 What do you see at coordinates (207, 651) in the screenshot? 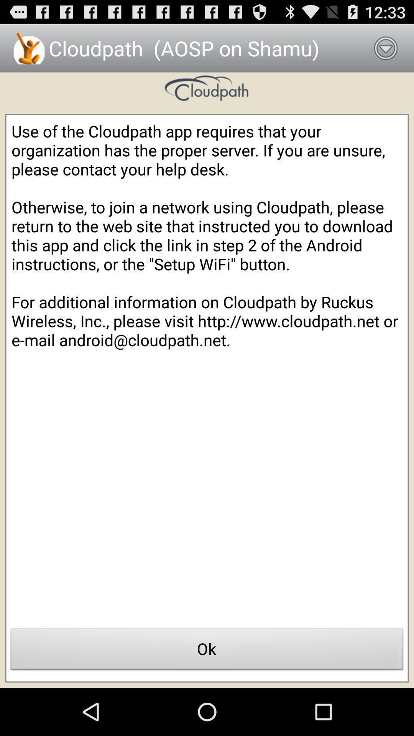
I see `icon at the bottom` at bounding box center [207, 651].